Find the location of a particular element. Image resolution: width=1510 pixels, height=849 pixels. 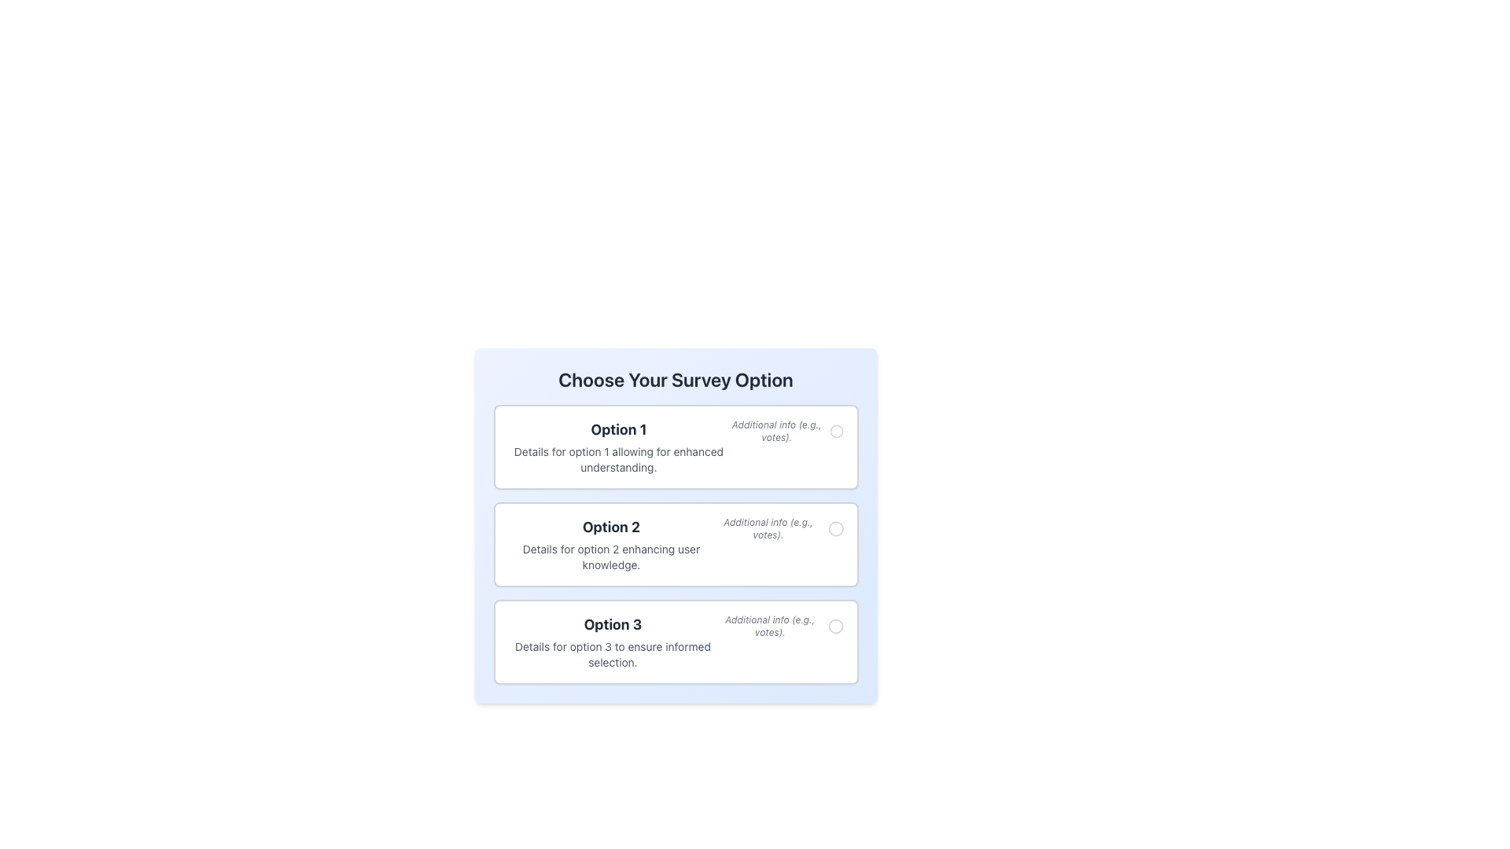

the text element displaying 'Details for option 3 to ensure informed selection.' located in the 'Option 3' section, styled in gray and smaller font, positioned below its heading is located at coordinates (612, 655).